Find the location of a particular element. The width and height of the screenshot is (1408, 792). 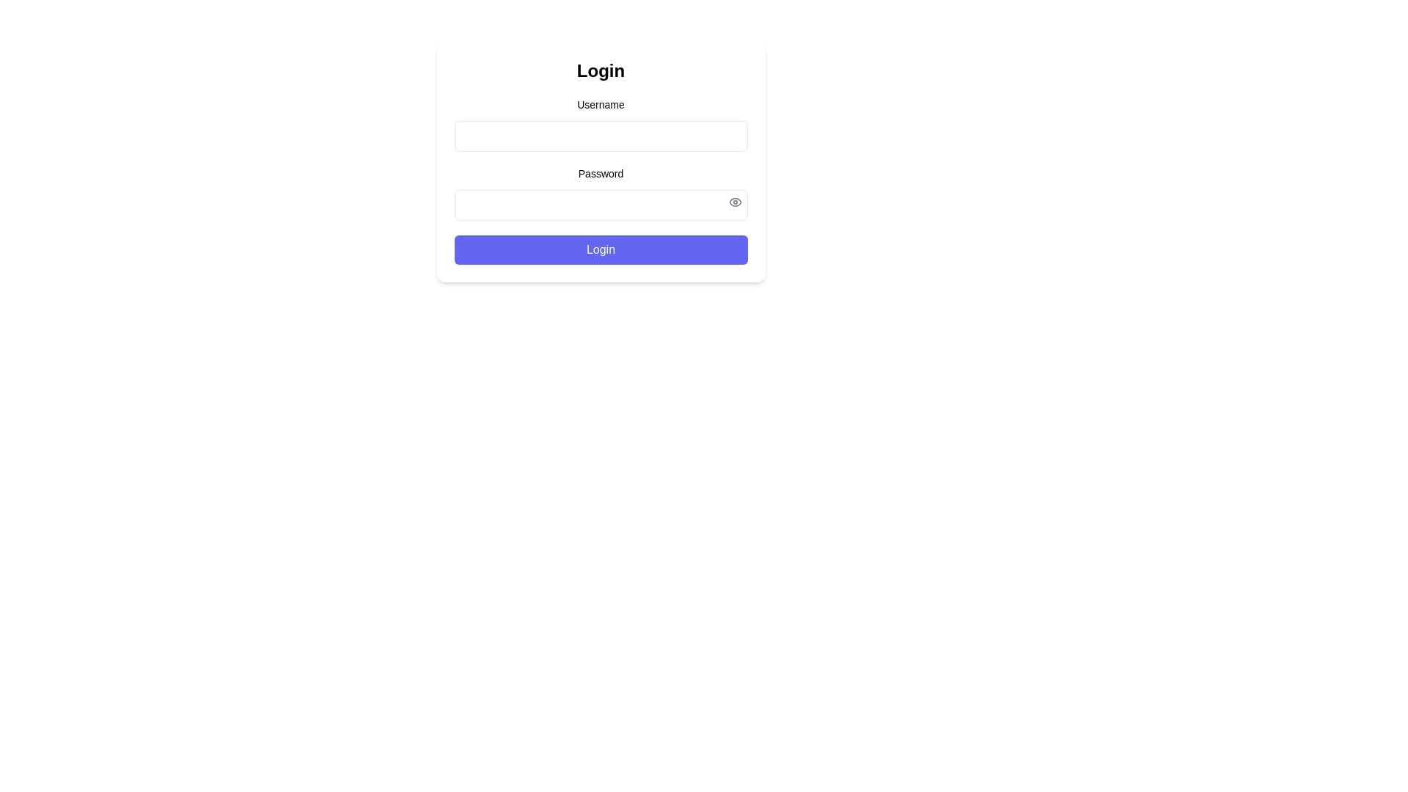

the toggle visibility button located at the top-right corner of the password field is located at coordinates (735, 202).